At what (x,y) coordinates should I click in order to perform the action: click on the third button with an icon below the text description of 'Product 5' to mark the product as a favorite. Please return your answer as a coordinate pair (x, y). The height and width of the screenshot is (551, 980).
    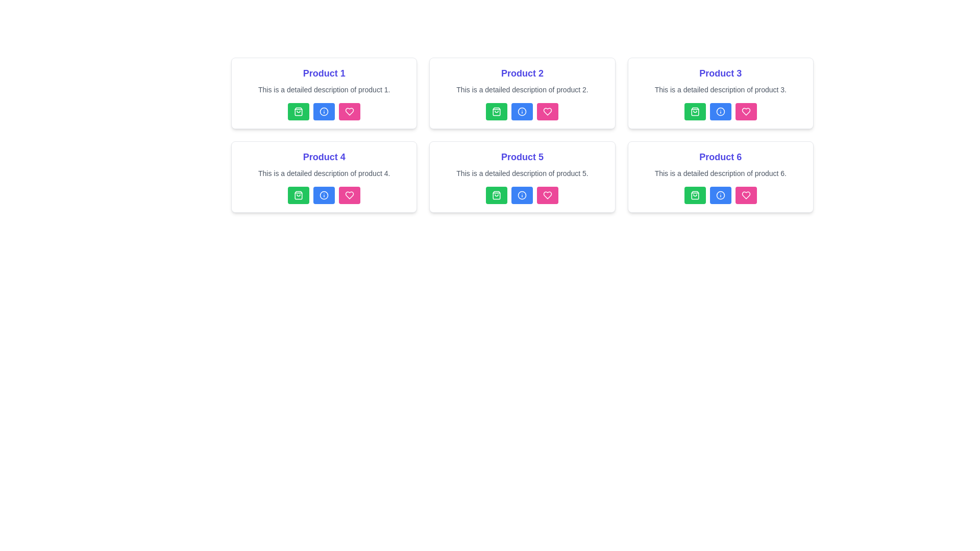
    Looking at the image, I should click on (547, 195).